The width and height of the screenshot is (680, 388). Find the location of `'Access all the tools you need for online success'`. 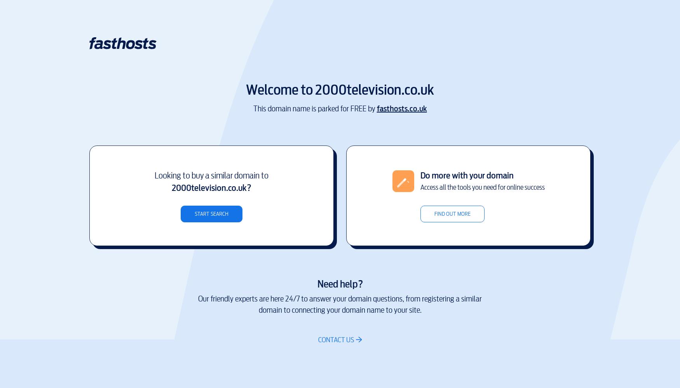

'Access all the tools you need for online success' is located at coordinates (482, 187).